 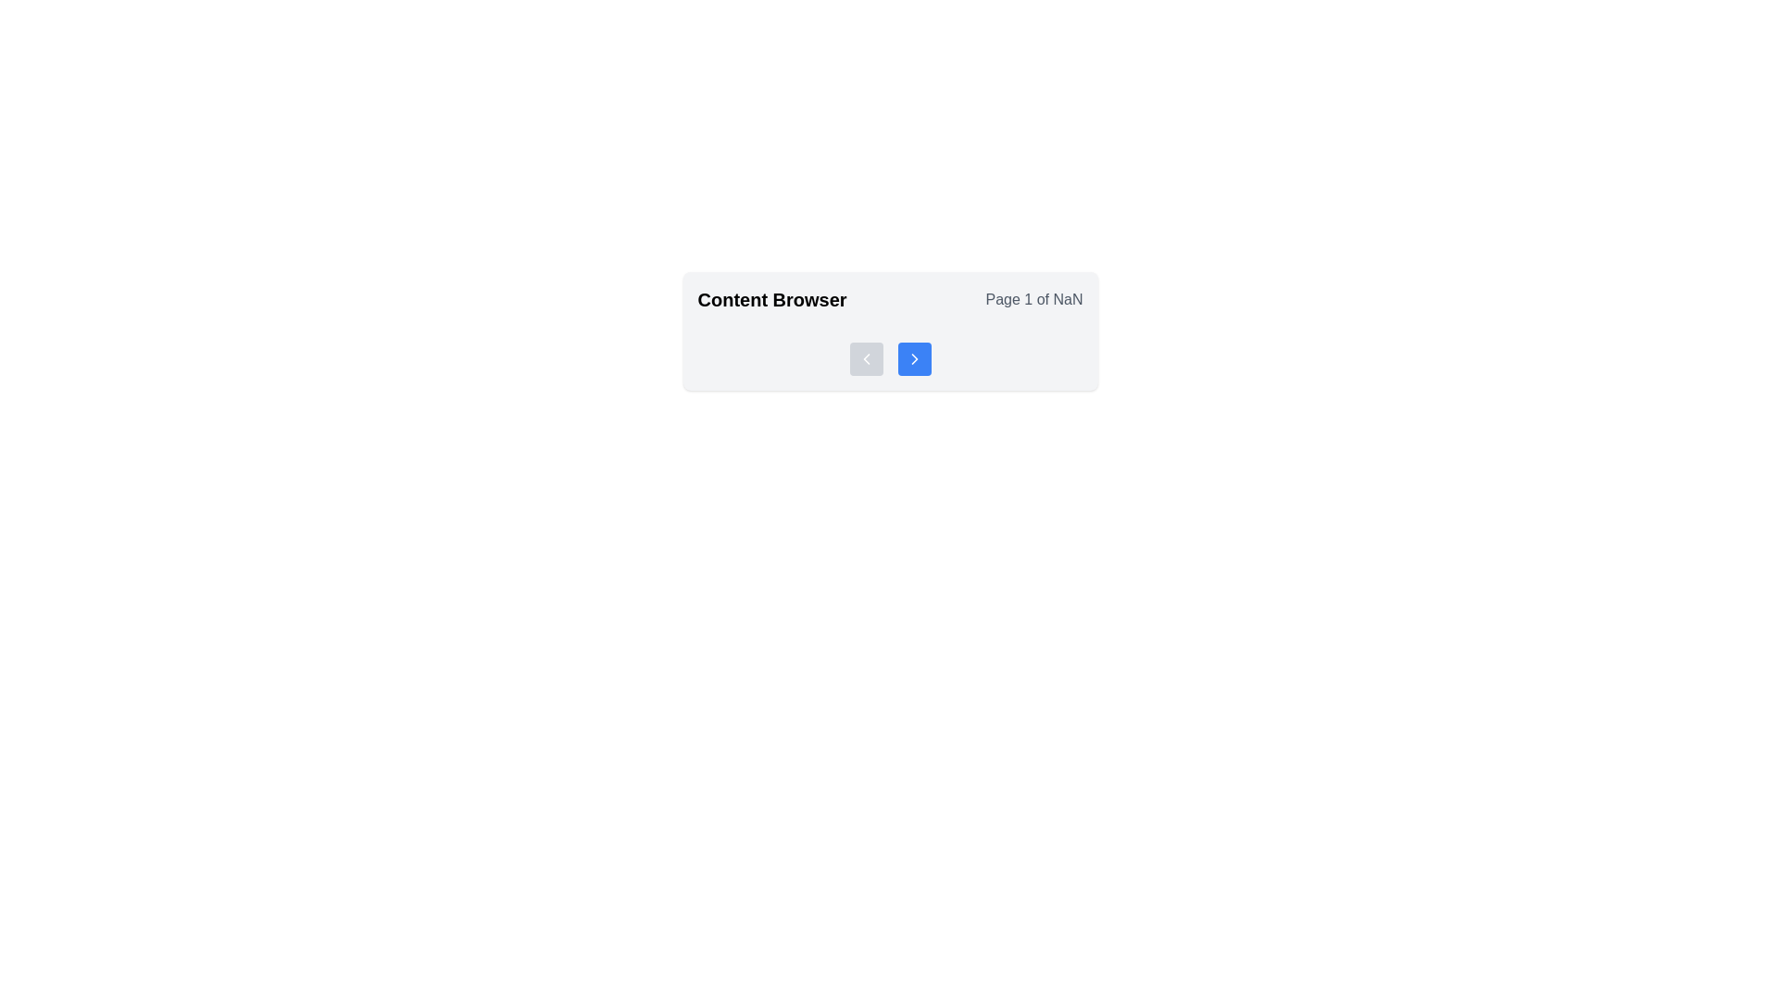 What do you see at coordinates (772, 299) in the screenshot?
I see `text content of the Text Label that serves as a header or title for the current section, located in the upper central portion of the layout` at bounding box center [772, 299].